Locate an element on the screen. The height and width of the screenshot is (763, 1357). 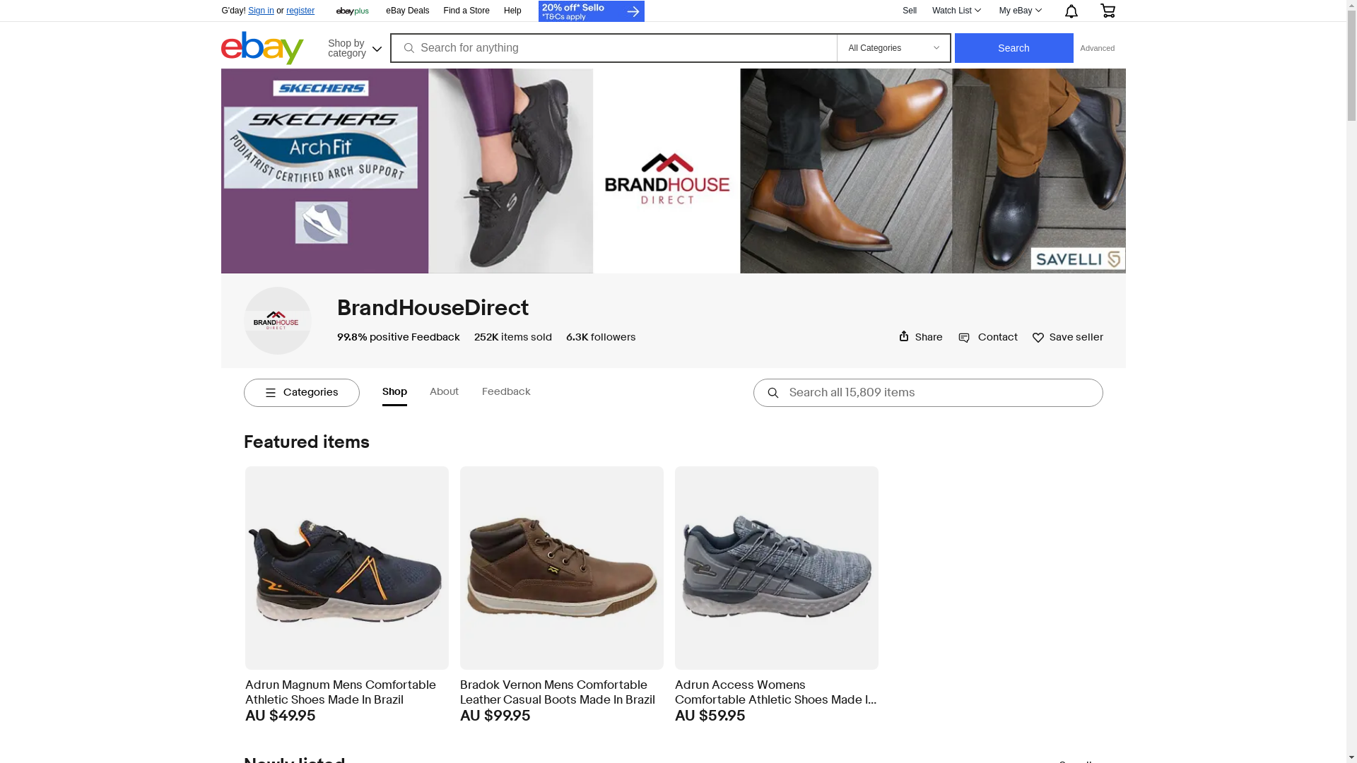
'Filter by category is located at coordinates (300, 392).